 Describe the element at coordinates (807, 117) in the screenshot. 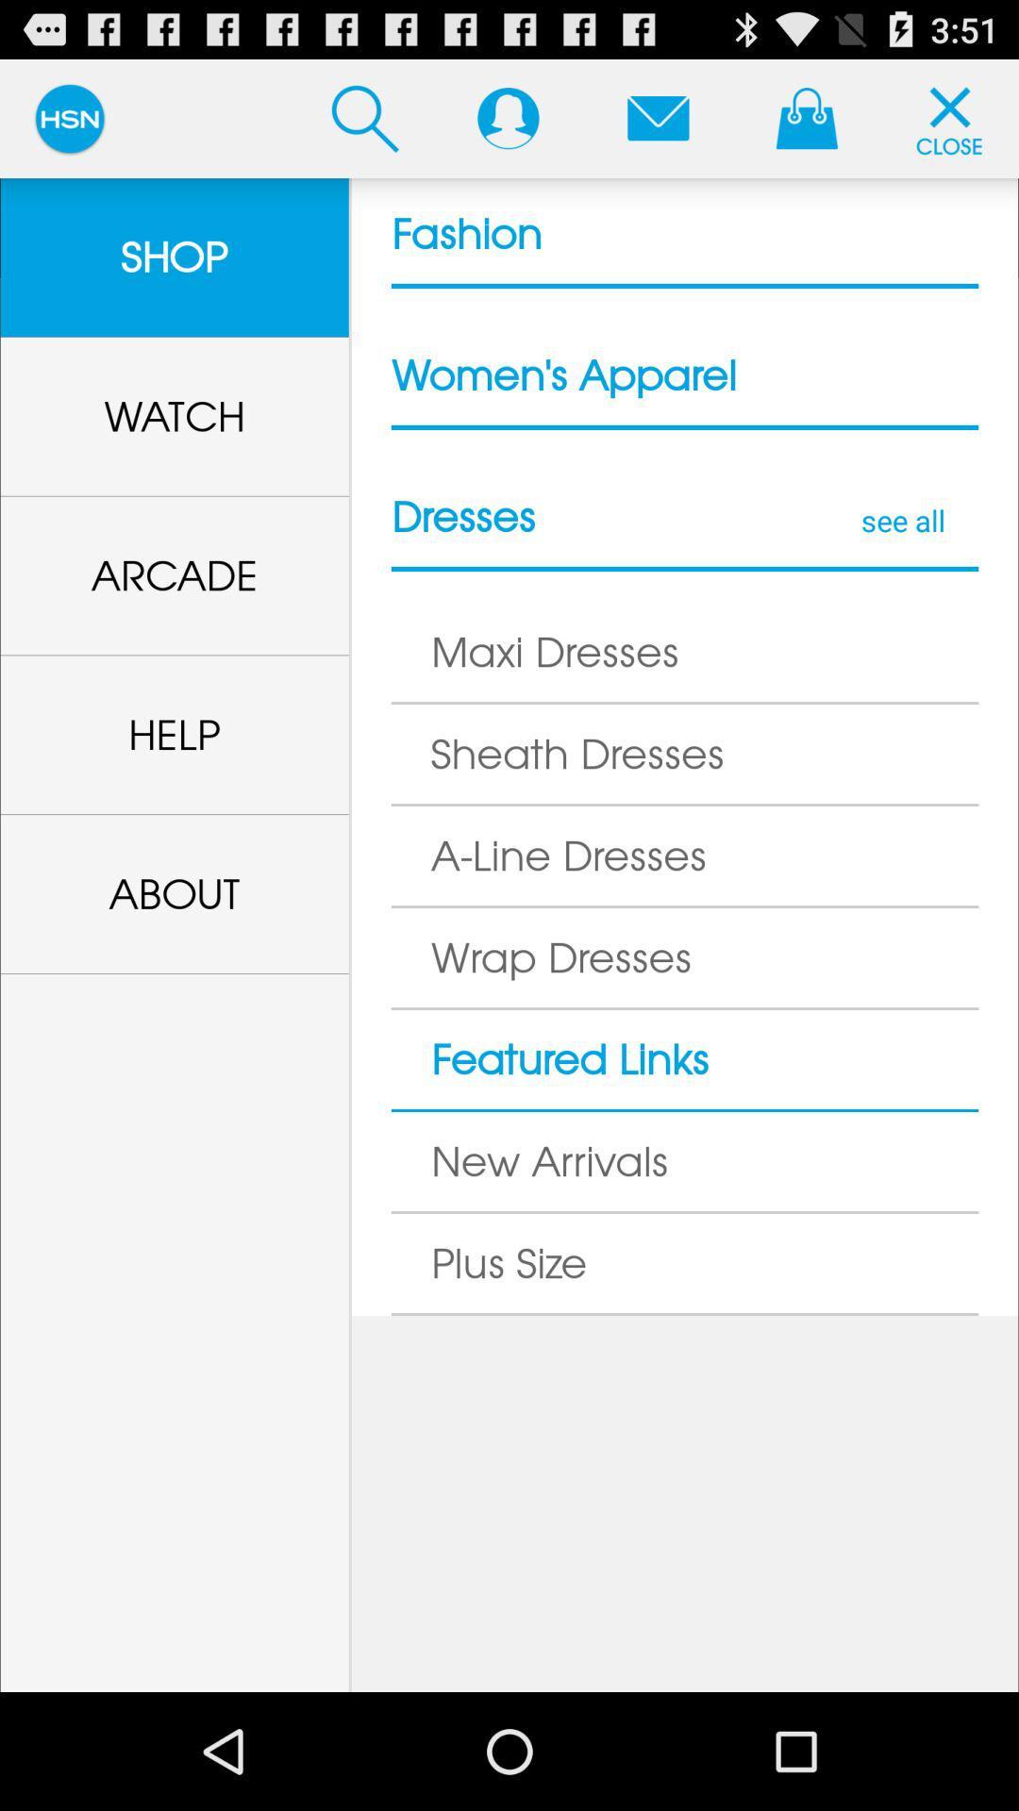

I see `see shopping bag` at that location.